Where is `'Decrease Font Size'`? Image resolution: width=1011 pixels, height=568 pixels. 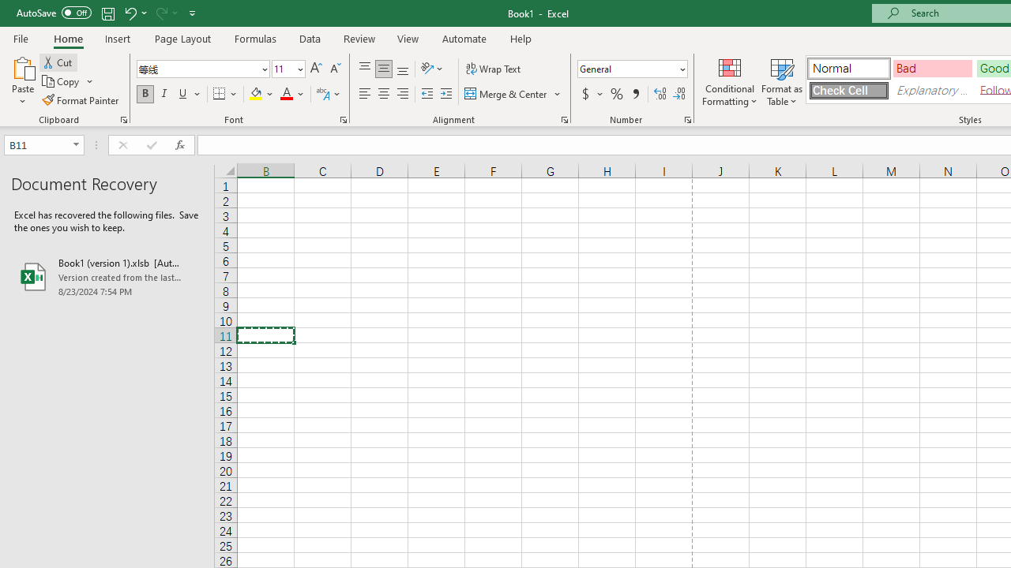
'Decrease Font Size' is located at coordinates (334, 68).